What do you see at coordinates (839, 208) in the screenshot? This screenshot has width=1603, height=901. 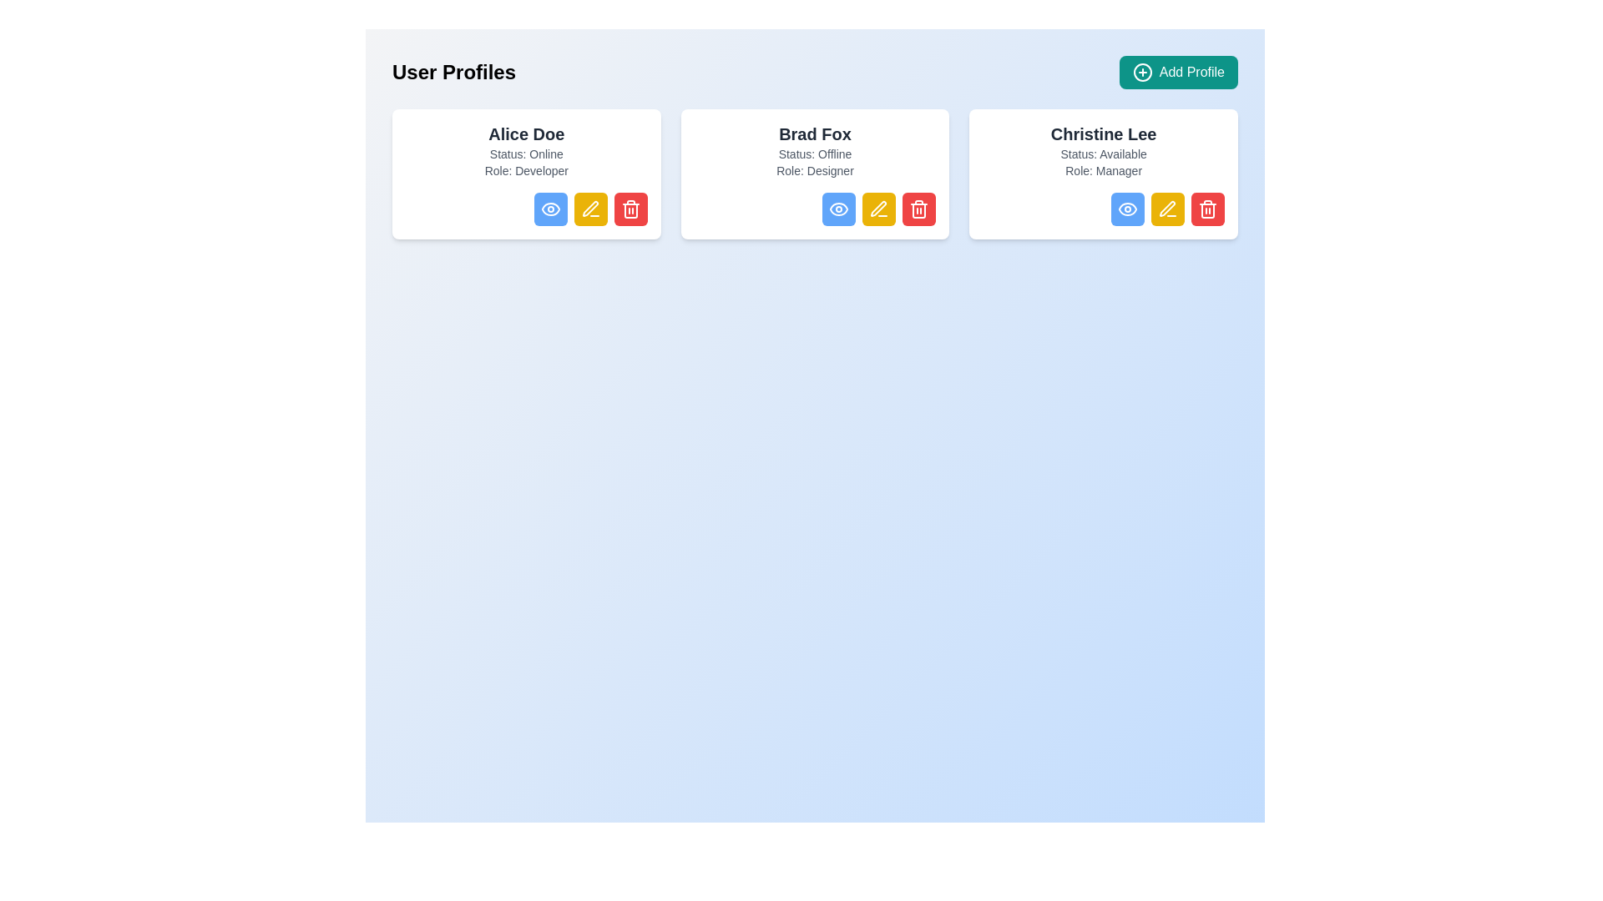 I see `the eye icon button located in the action buttons row beneath the 'Brad Fox' profile card` at bounding box center [839, 208].